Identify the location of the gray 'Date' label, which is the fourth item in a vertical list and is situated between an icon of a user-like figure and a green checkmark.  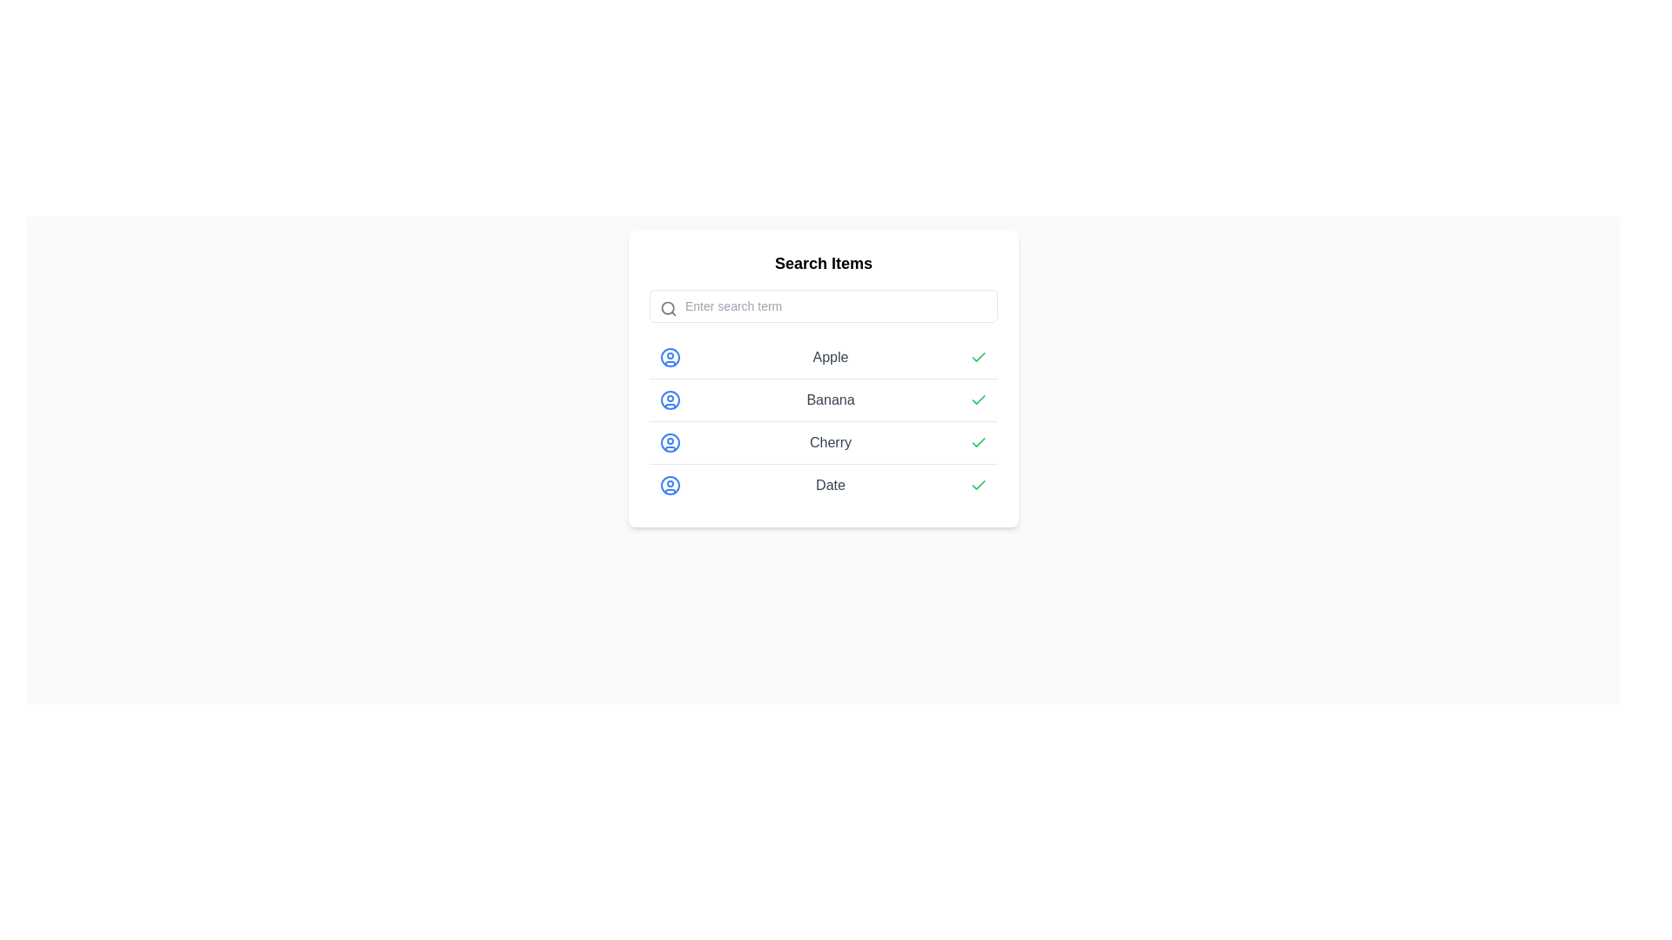
(830, 486).